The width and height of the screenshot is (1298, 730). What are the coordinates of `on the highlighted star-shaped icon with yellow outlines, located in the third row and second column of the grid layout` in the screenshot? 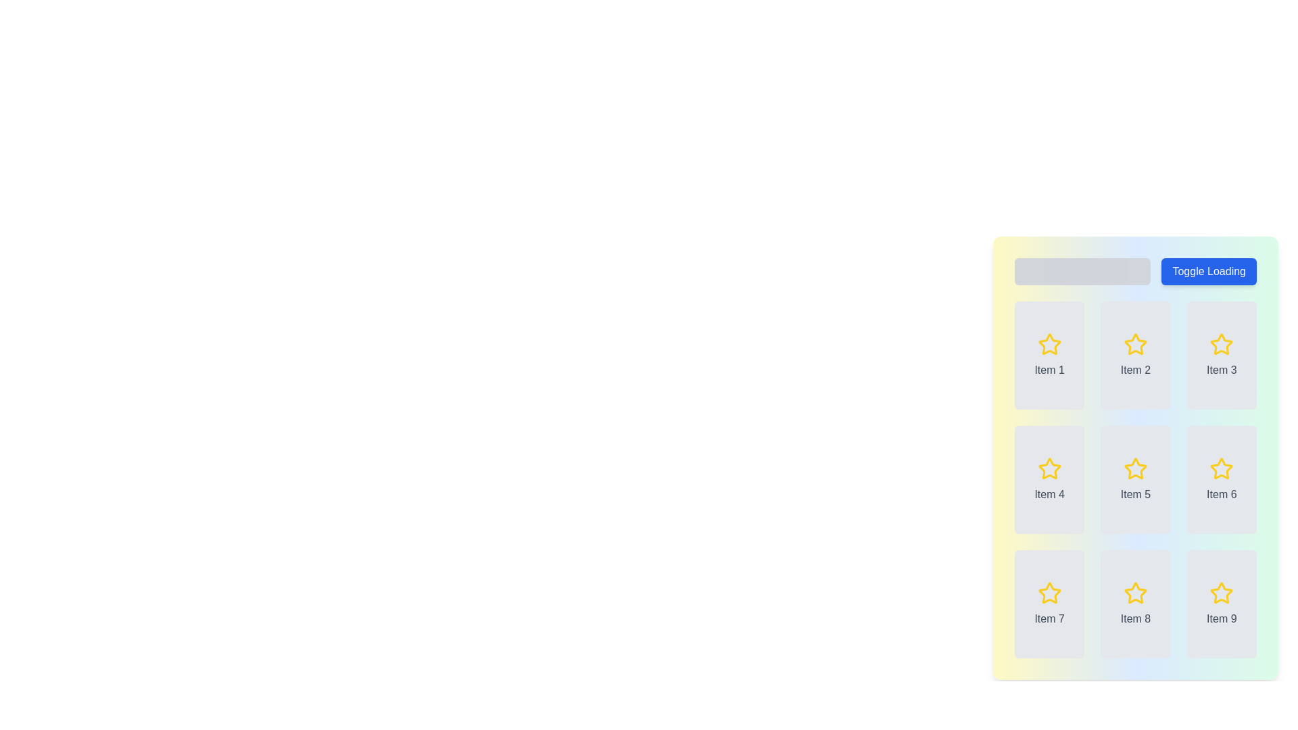 It's located at (1136, 592).